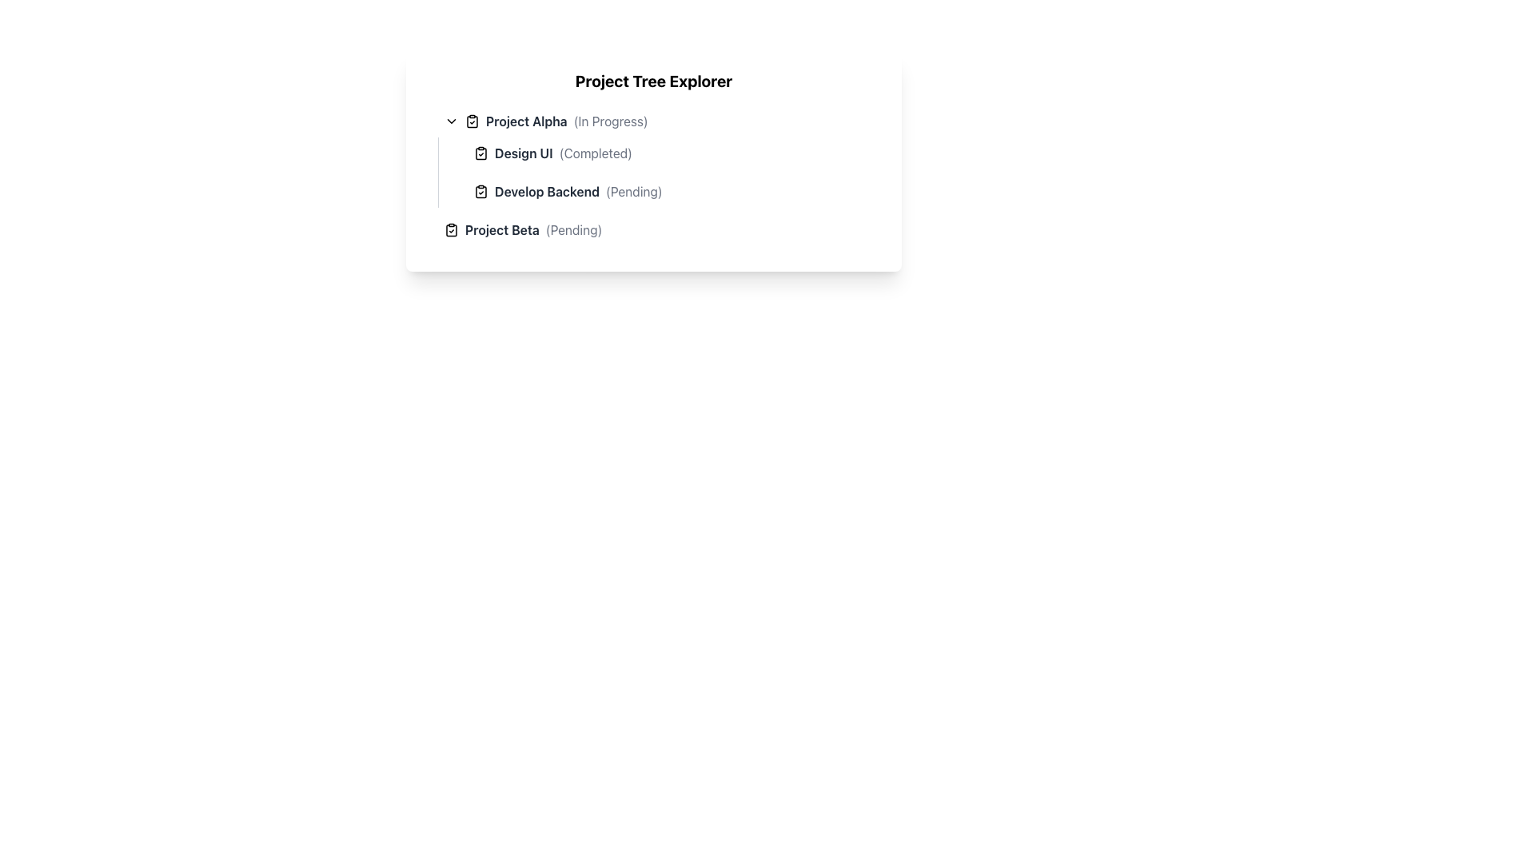 The width and height of the screenshot is (1535, 863). What do you see at coordinates (451, 230) in the screenshot?
I see `the clipboard-like icon located next to the 'Project Beta' entry in the 'Project Tree Explorer' interface` at bounding box center [451, 230].